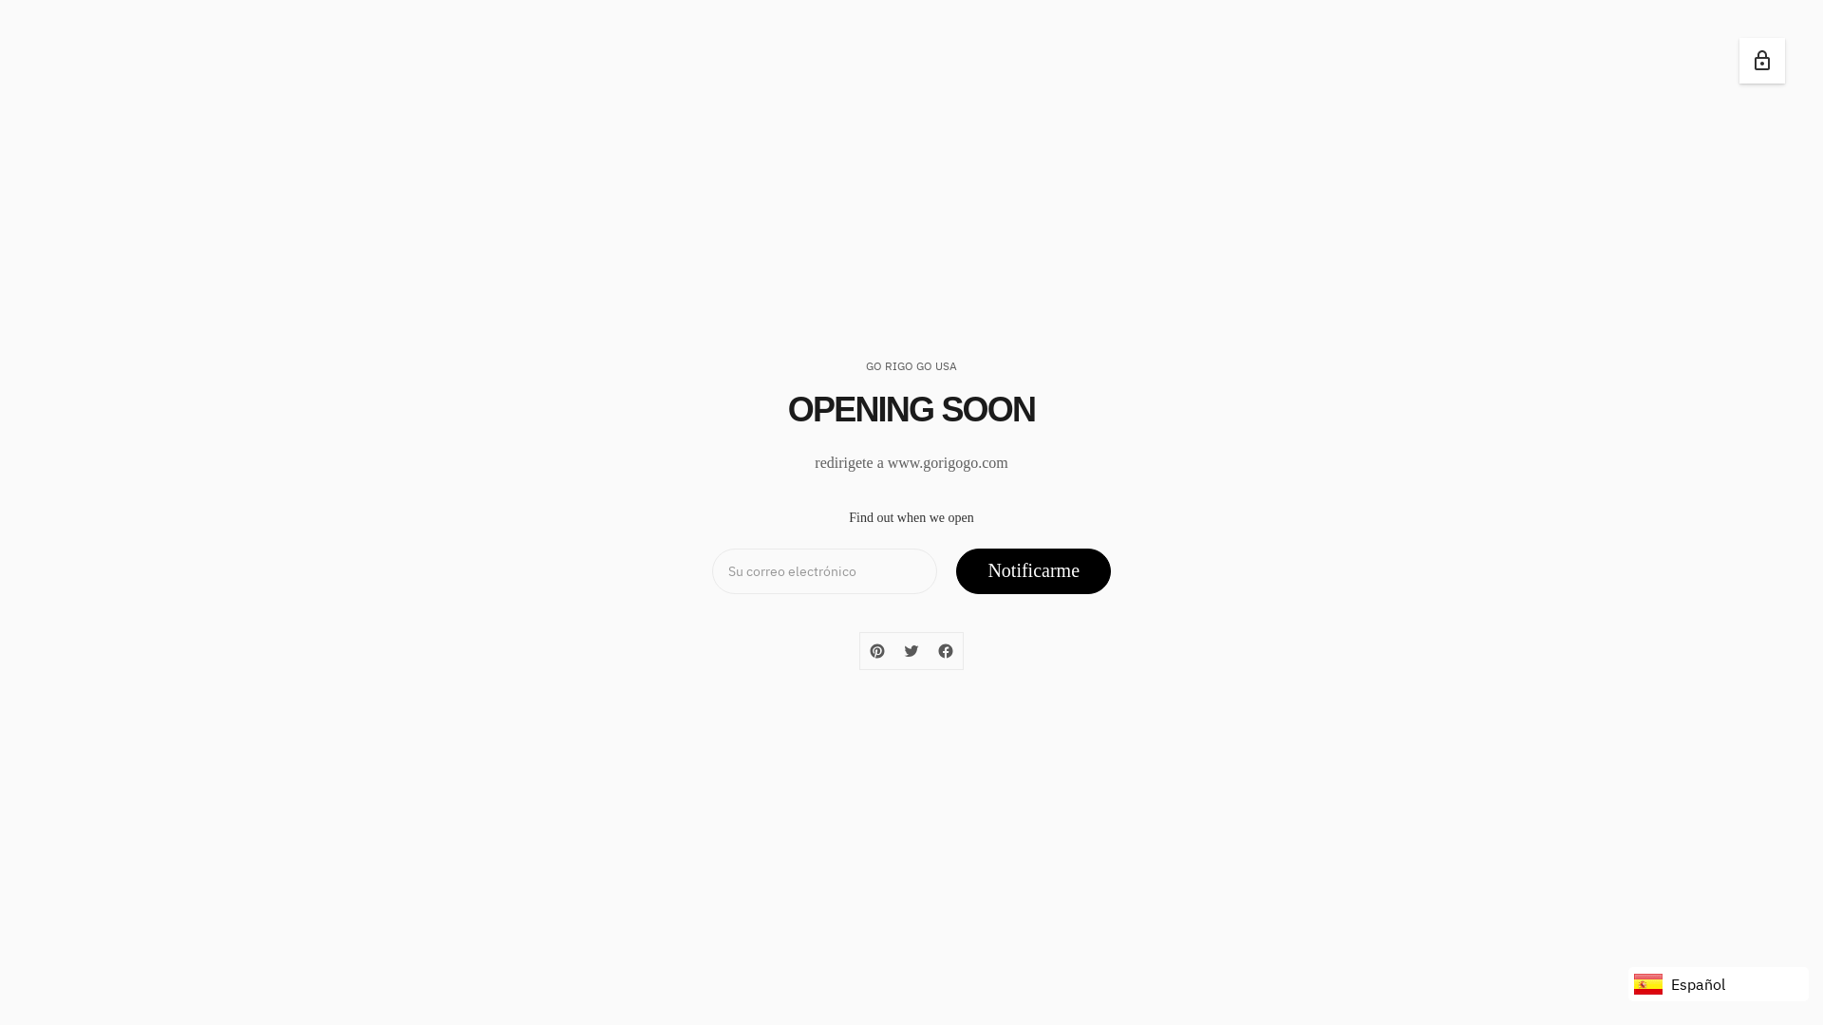 The height and width of the screenshot is (1025, 1823). Describe the element at coordinates (875, 650) in the screenshot. I see `'Share to Pinterest'` at that location.